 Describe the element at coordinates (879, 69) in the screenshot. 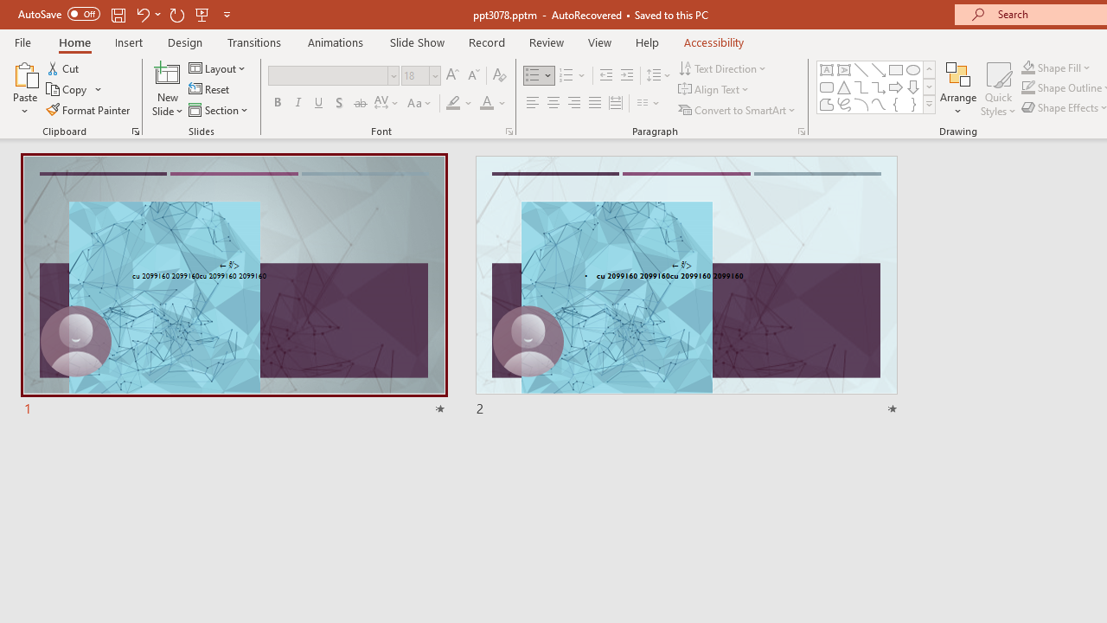

I see `'Line Arrow'` at that location.